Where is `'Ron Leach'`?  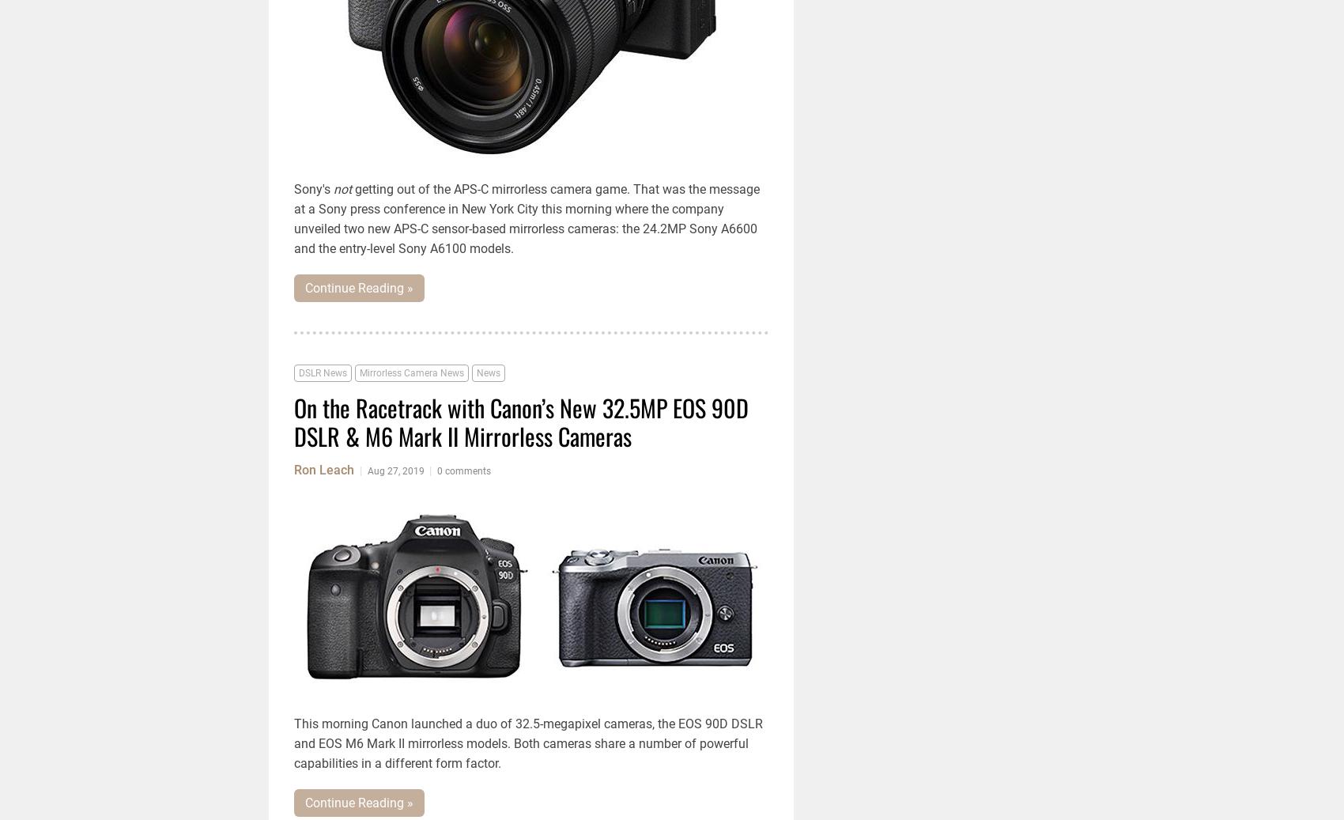
'Ron Leach' is located at coordinates (293, 470).